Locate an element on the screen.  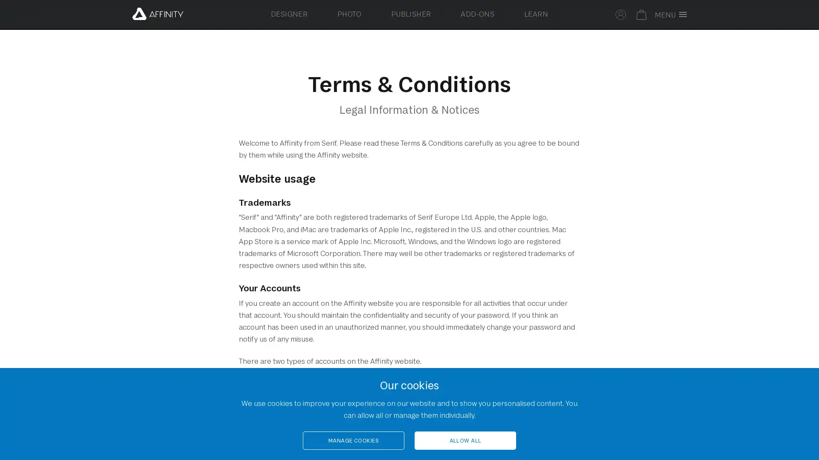
Select to sign in to your Affinity account is located at coordinates (621, 13).